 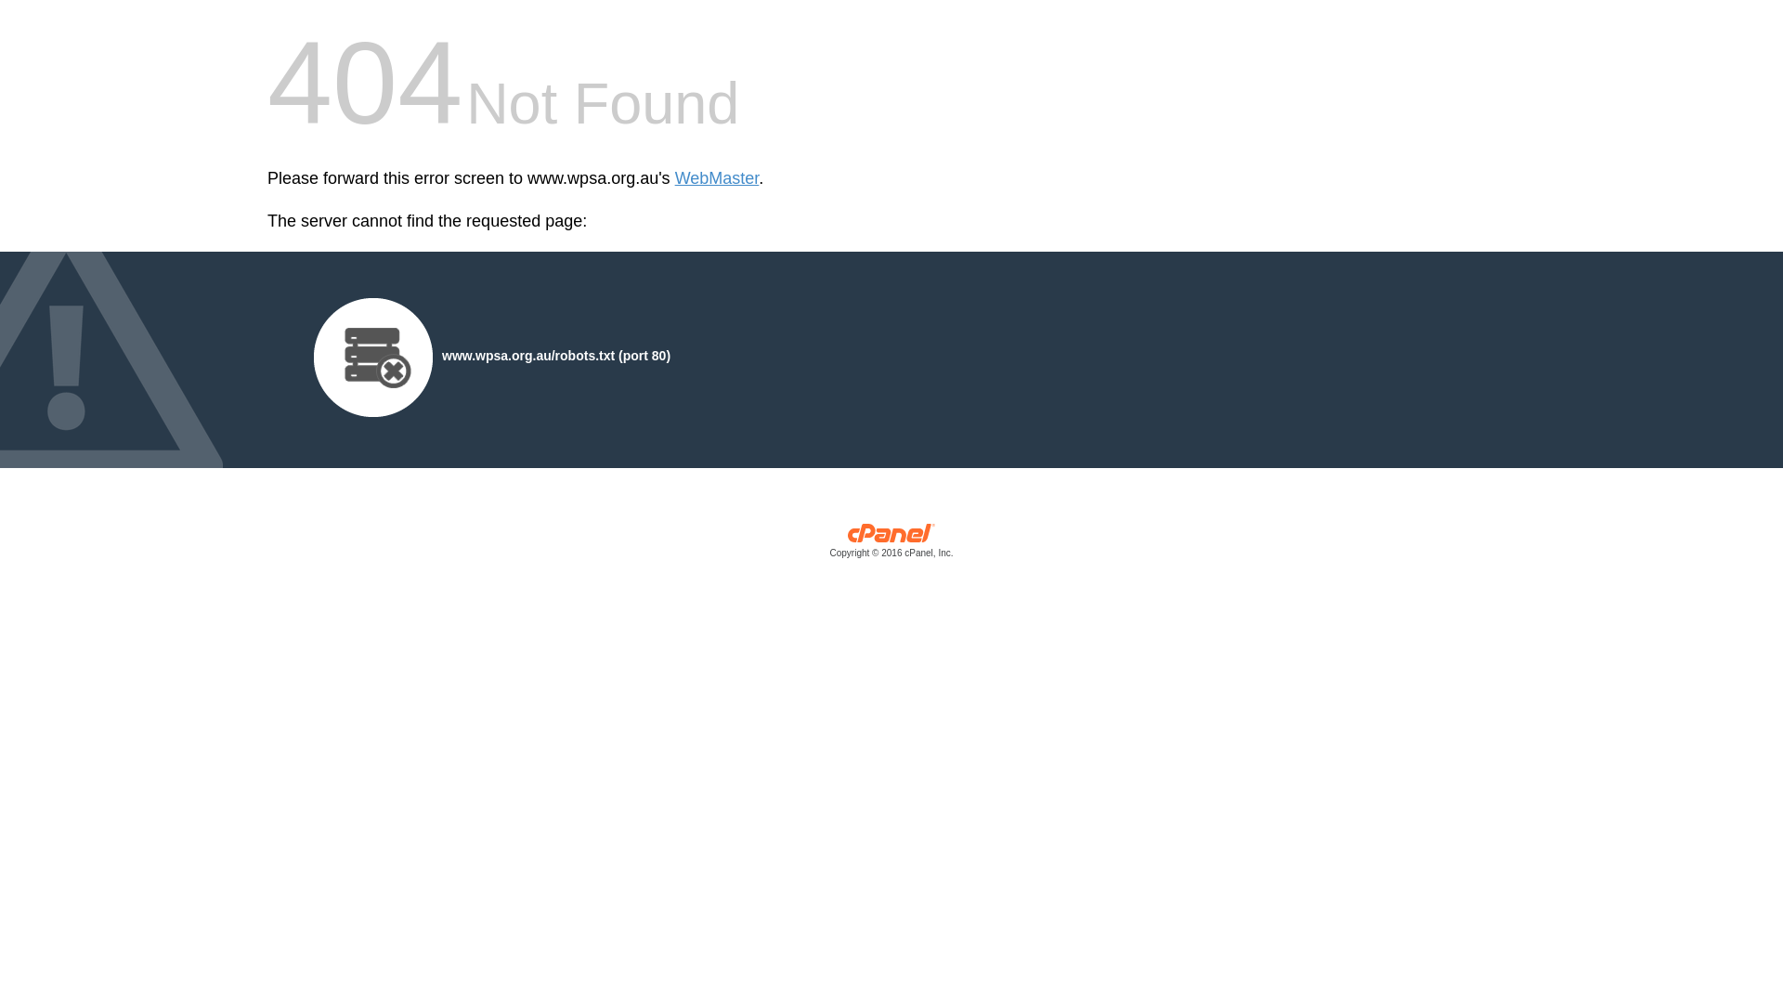 What do you see at coordinates (716, 178) in the screenshot?
I see `'WebMaster'` at bounding box center [716, 178].